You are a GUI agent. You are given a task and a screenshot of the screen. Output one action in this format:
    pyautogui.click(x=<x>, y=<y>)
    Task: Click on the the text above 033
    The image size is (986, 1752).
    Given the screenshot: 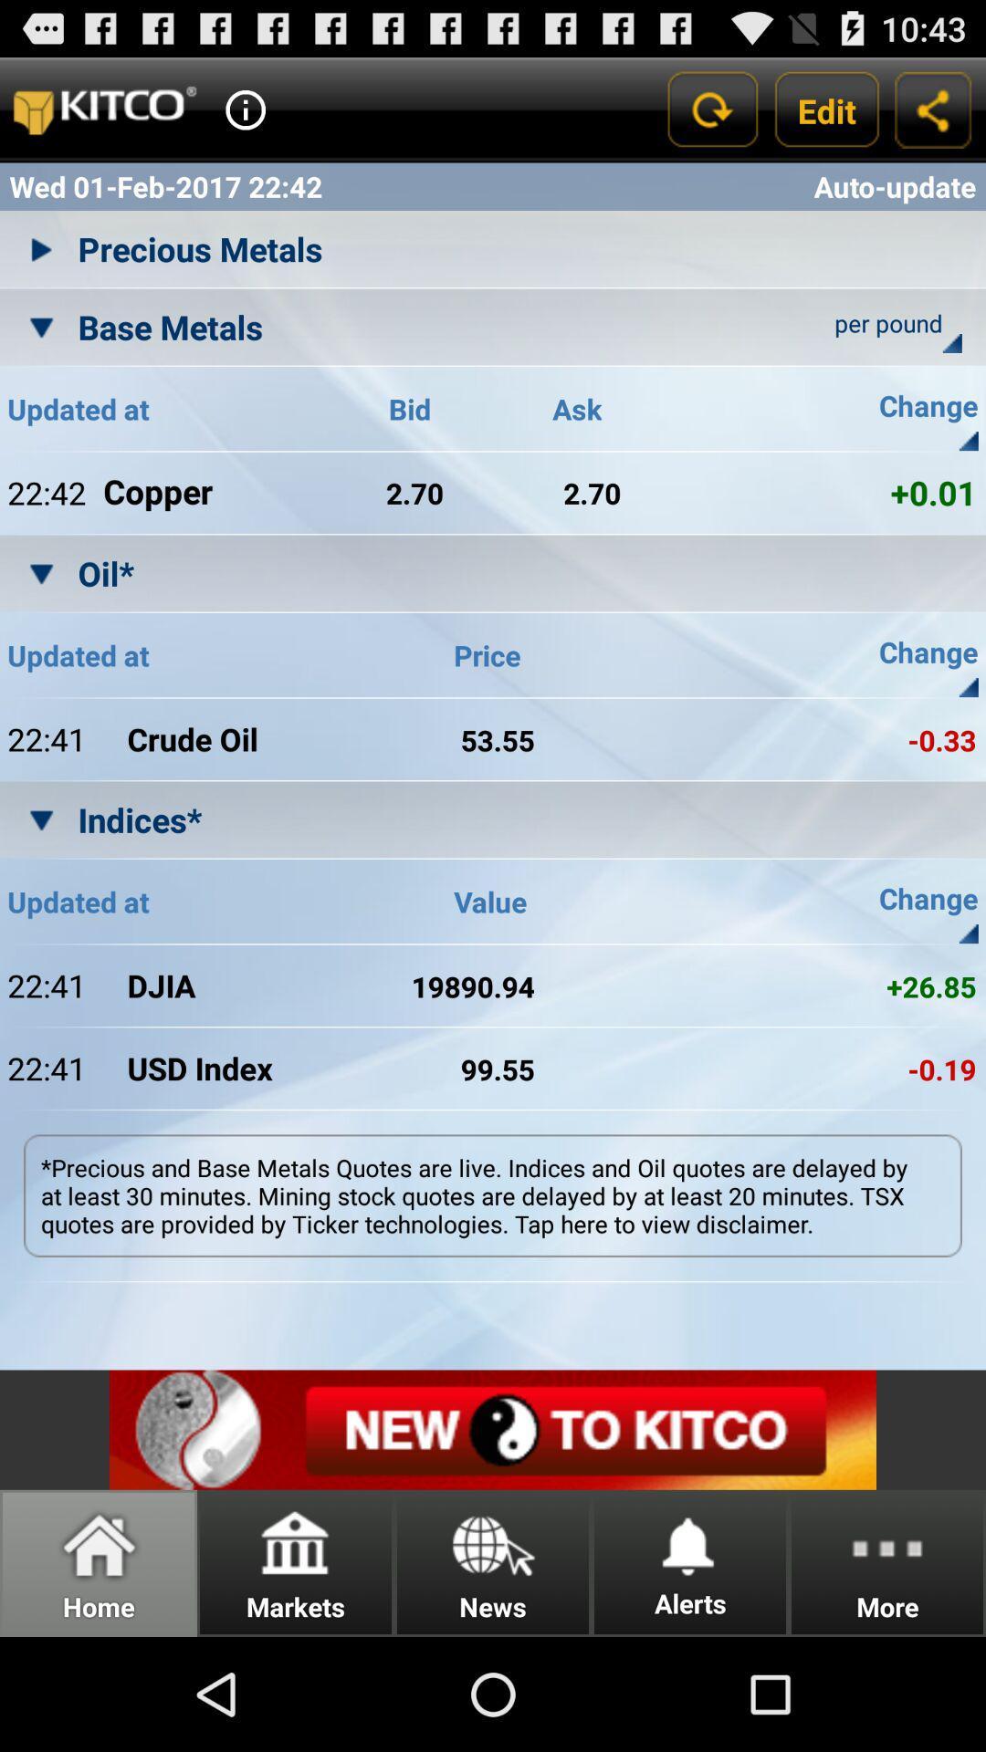 What is the action you would take?
    pyautogui.click(x=893, y=655)
    